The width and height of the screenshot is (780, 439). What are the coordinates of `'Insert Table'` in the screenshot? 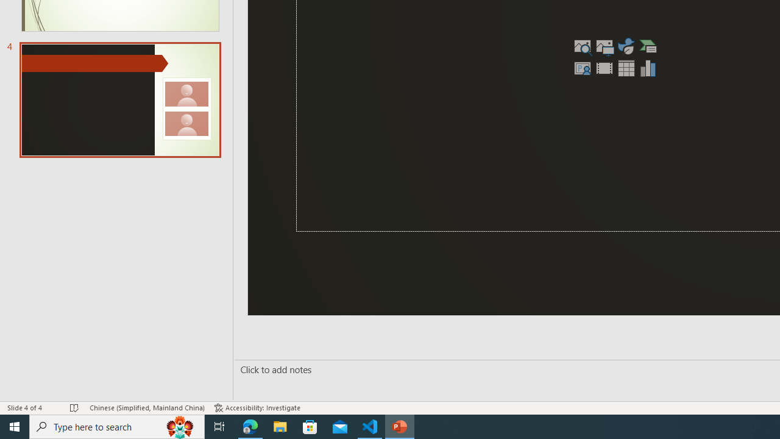 It's located at (626, 68).